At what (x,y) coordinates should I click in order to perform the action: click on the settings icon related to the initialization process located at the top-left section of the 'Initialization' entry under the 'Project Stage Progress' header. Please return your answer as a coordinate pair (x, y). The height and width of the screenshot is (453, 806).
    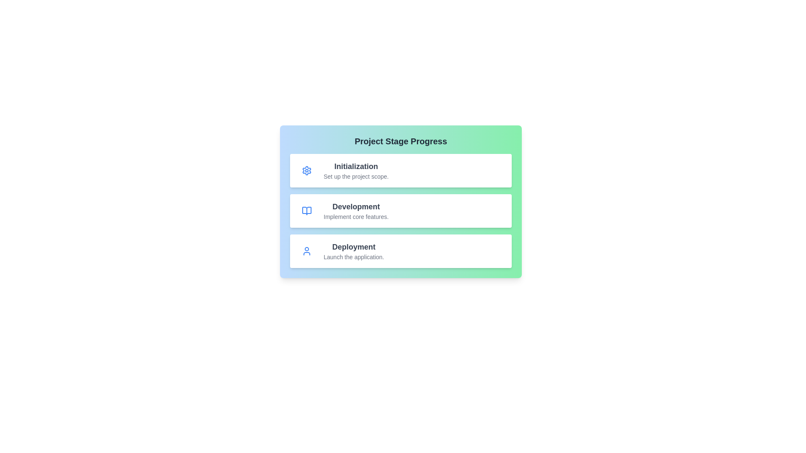
    Looking at the image, I should click on (306, 170).